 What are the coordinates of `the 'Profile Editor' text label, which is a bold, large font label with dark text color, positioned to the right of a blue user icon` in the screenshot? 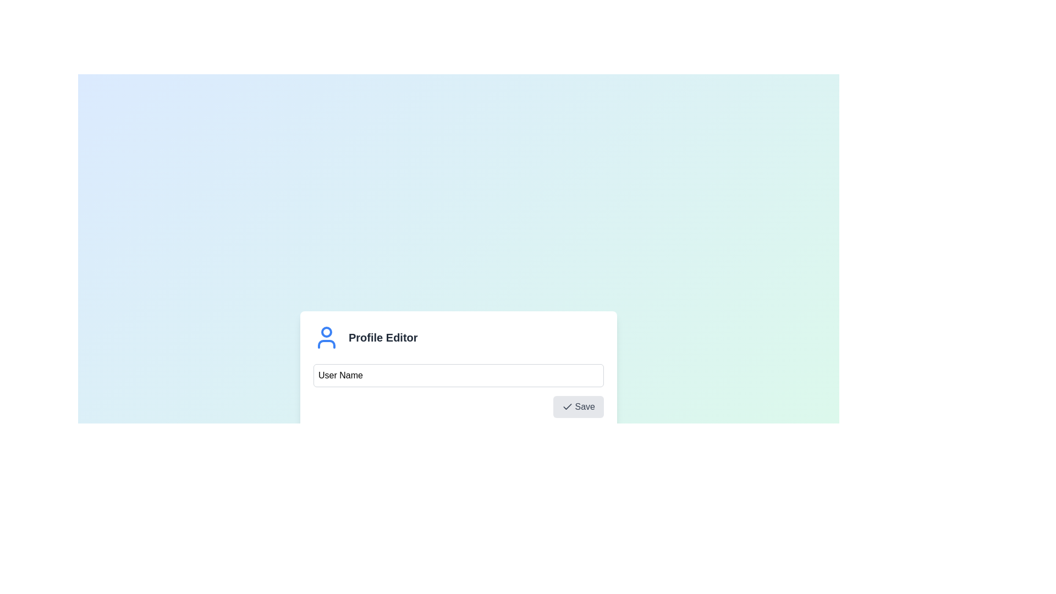 It's located at (383, 337).